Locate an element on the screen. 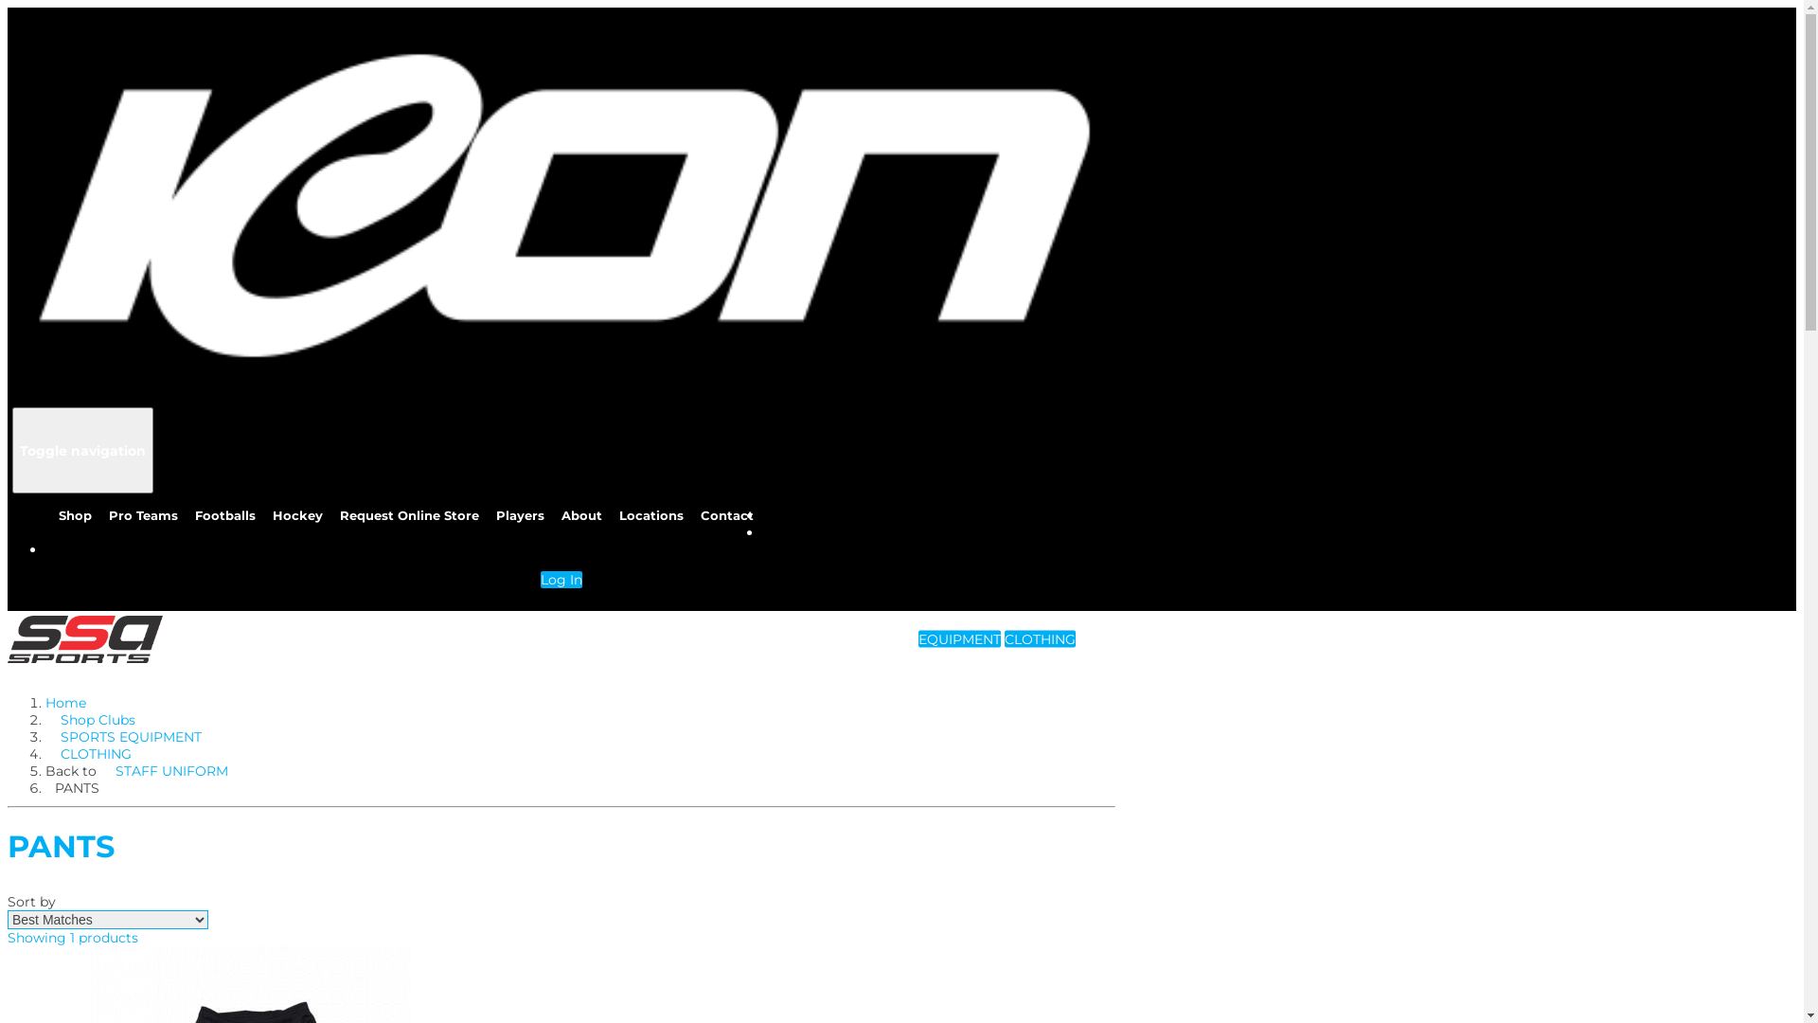 The height and width of the screenshot is (1023, 1818). 'Contact' is located at coordinates (726, 517).